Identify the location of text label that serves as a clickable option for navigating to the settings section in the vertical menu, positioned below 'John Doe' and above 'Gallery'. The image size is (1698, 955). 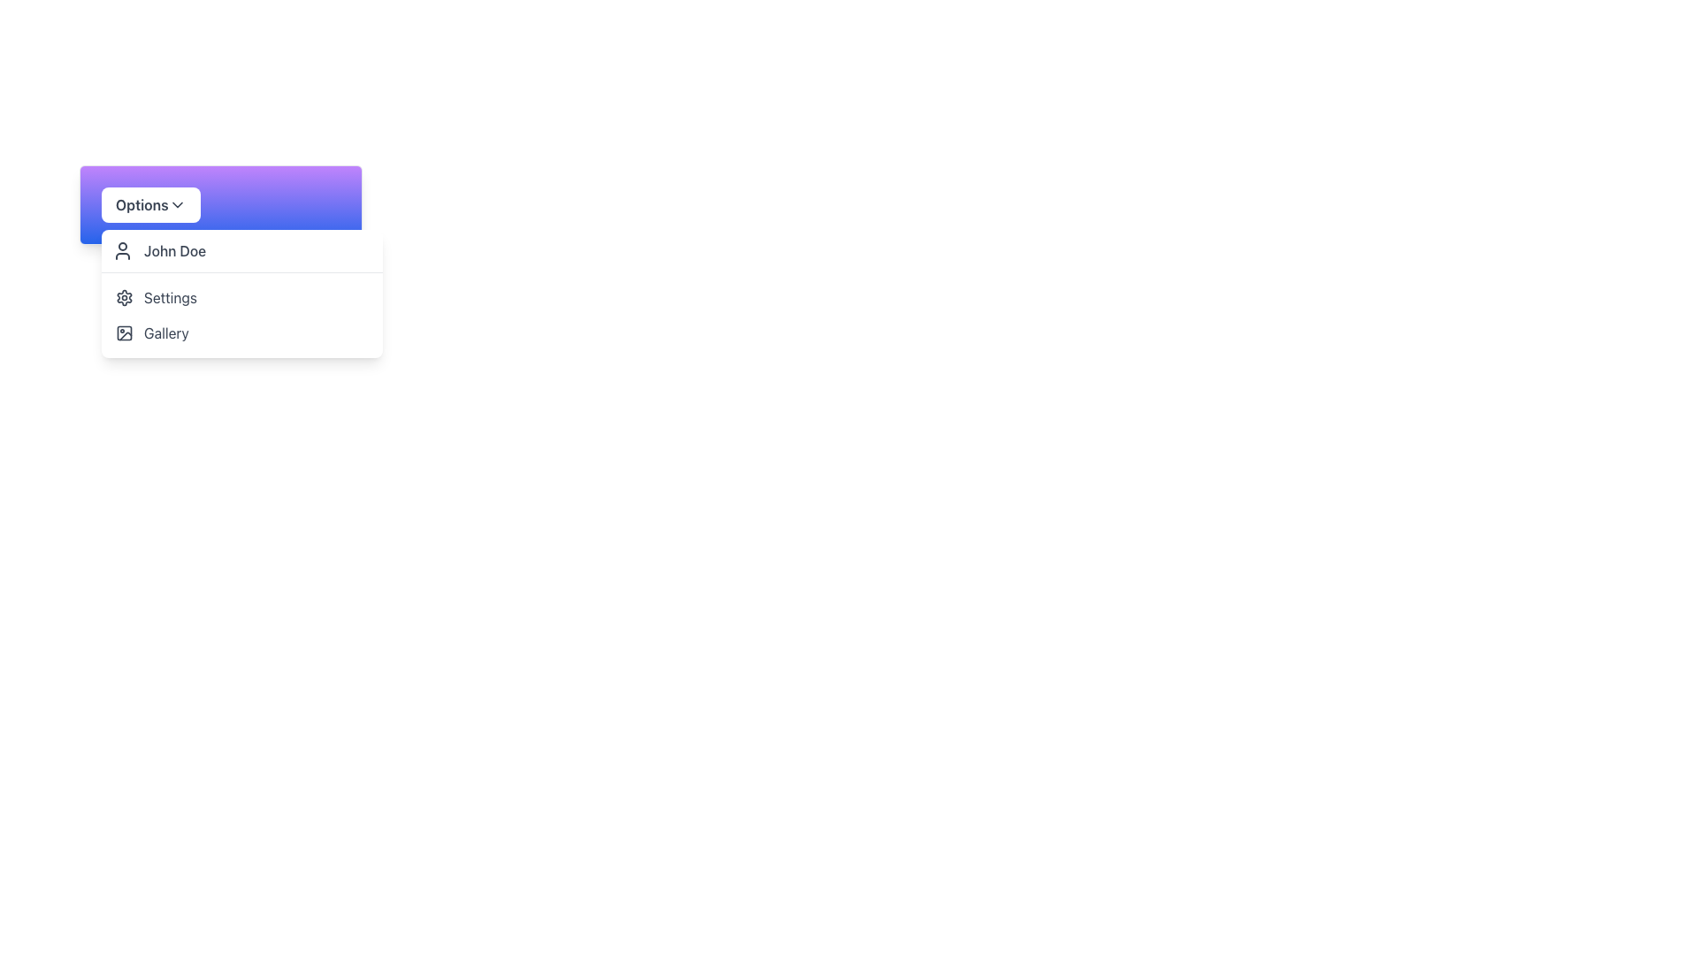
(170, 296).